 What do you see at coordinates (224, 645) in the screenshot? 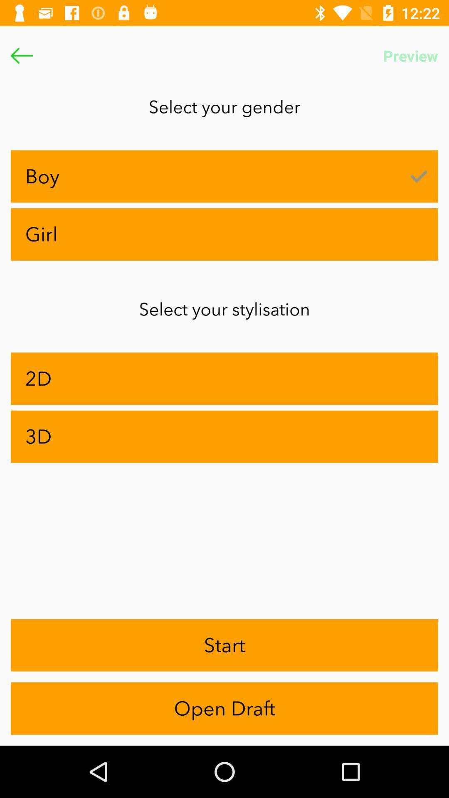
I see `app below 3d item` at bounding box center [224, 645].